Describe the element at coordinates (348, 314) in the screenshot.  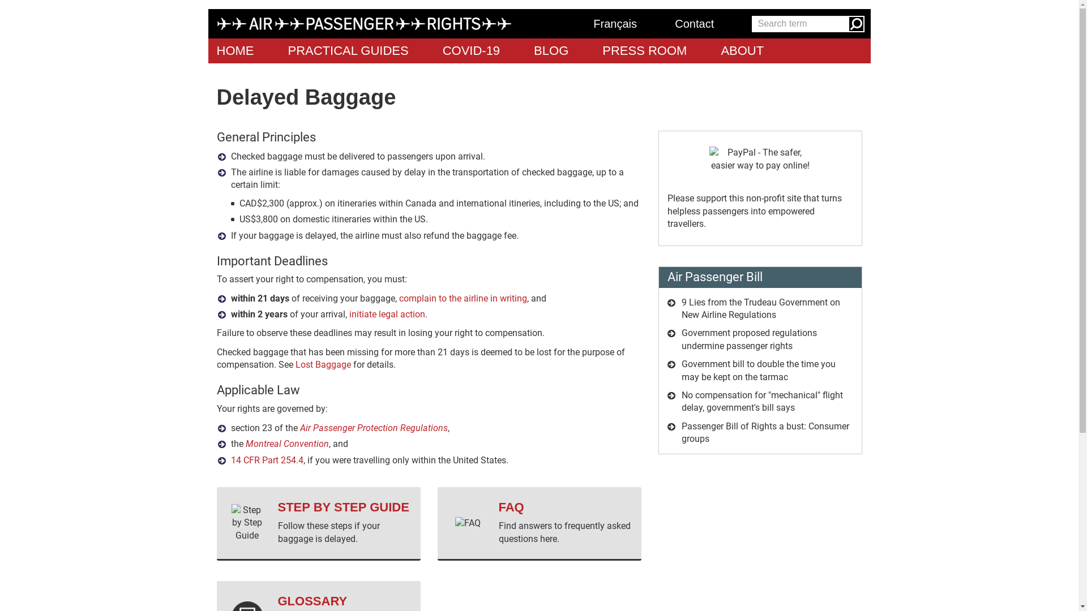
I see `'initiate legal action'` at that location.